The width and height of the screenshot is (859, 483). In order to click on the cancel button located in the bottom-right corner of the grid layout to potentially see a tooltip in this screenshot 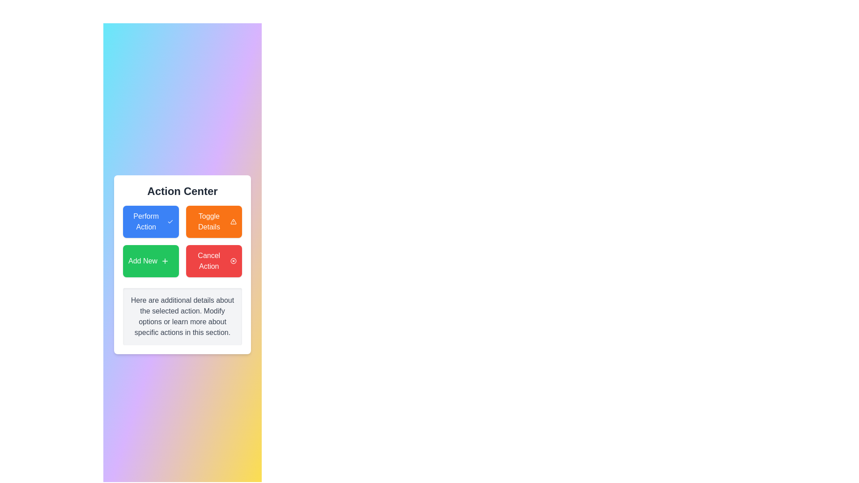, I will do `click(213, 261)`.